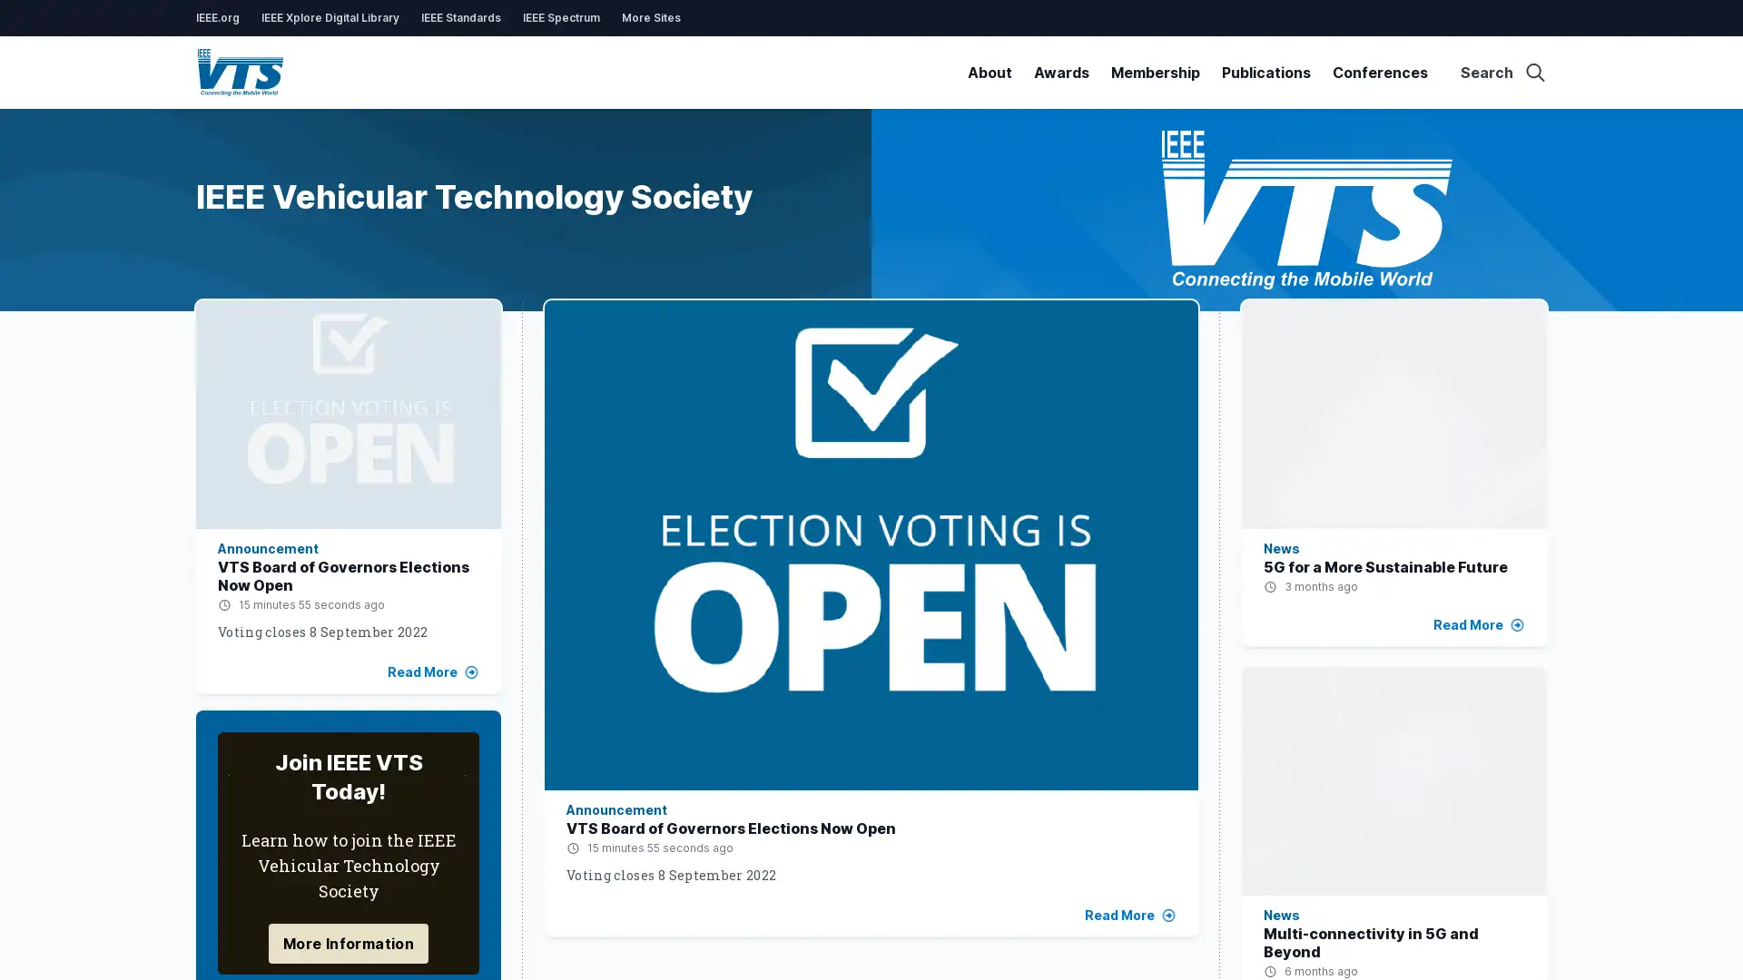 The width and height of the screenshot is (1743, 980). Describe the element at coordinates (1265, 72) in the screenshot. I see `Publications` at that location.